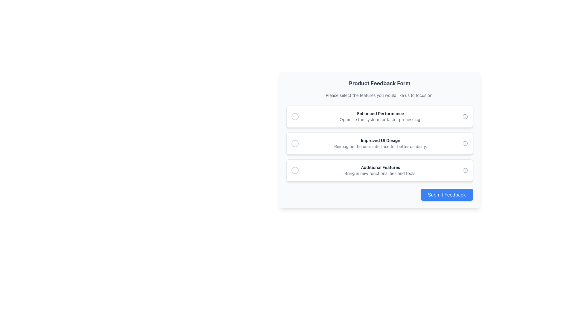  What do you see at coordinates (447, 195) in the screenshot?
I see `the submission button for the feedback form, located at the bottom-right corner` at bounding box center [447, 195].